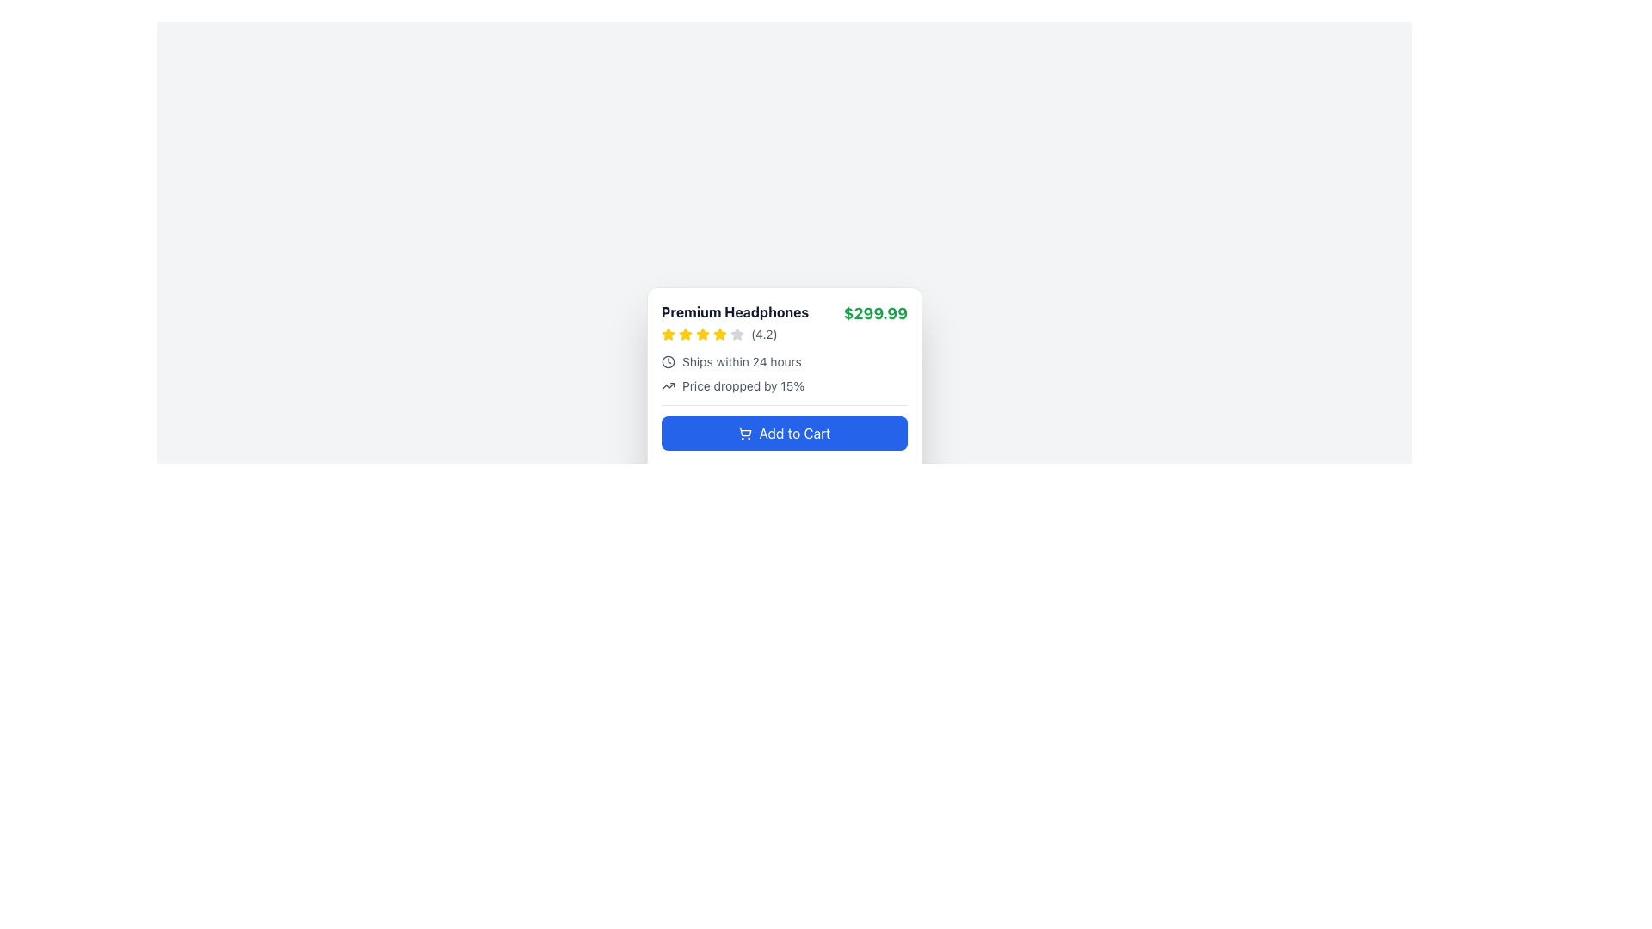  Describe the element at coordinates (735, 335) in the screenshot. I see `the stars in the Rating Display located under the title 'Premium Headphones' to inspect further` at that location.